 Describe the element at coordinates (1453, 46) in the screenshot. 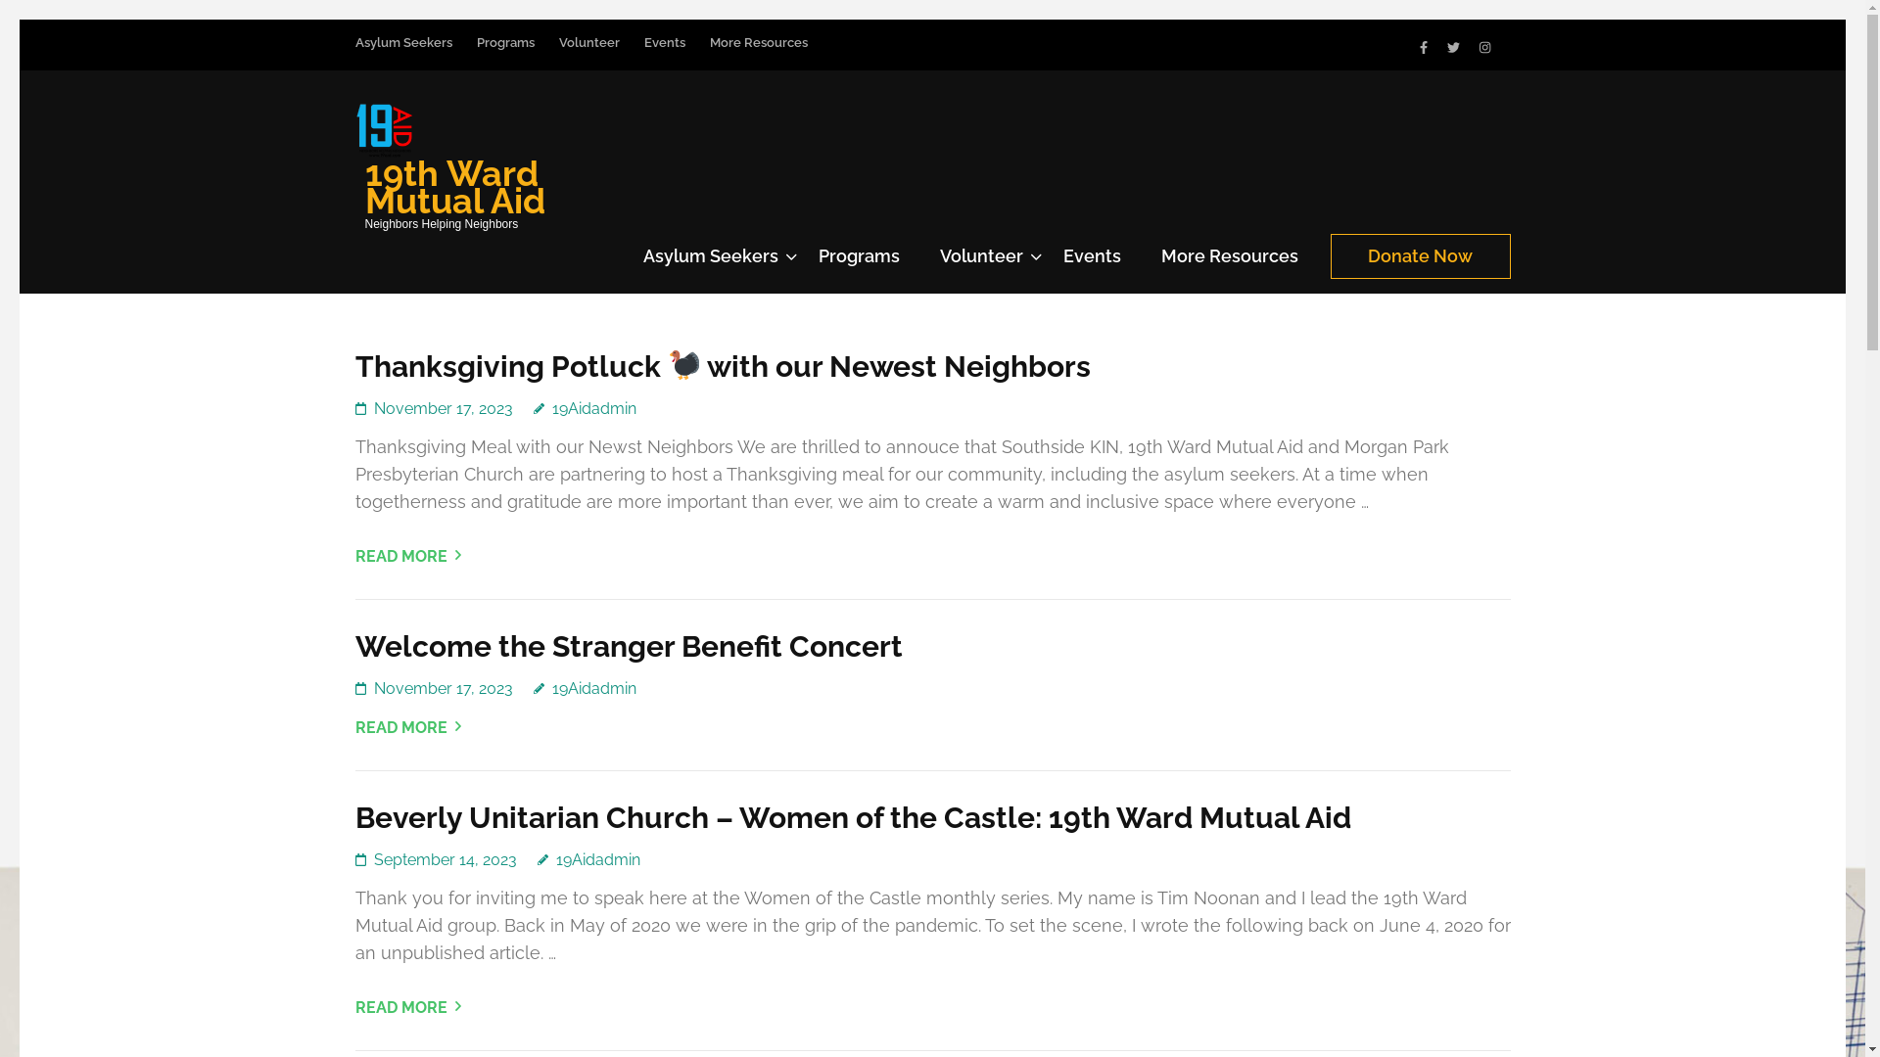

I see `'Twitter'` at that location.